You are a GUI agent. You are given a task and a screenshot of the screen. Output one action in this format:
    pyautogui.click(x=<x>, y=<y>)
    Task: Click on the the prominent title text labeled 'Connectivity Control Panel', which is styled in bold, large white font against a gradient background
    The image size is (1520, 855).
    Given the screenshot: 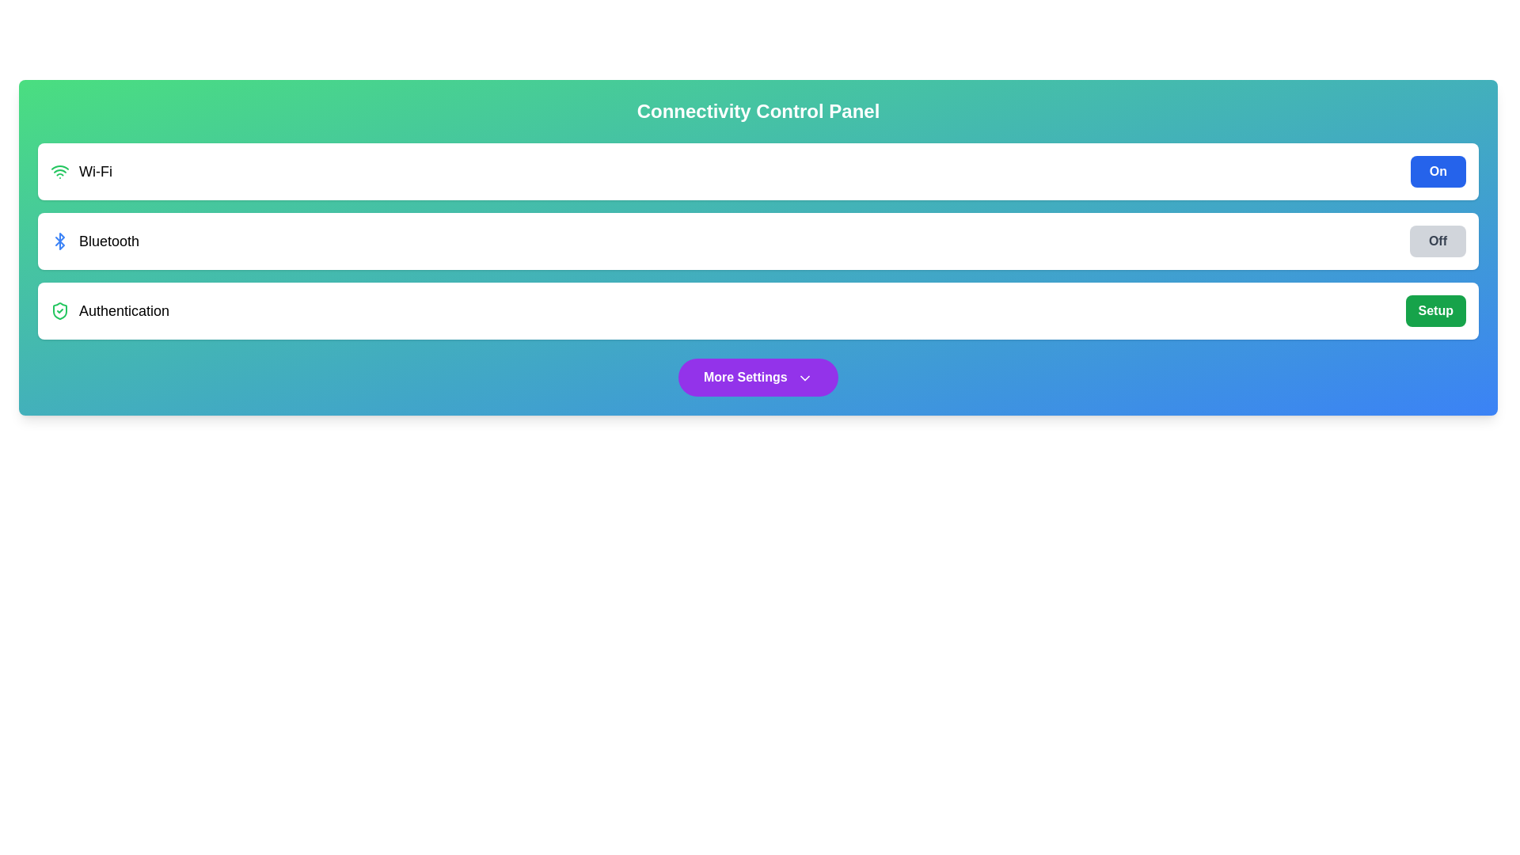 What is the action you would take?
    pyautogui.click(x=758, y=111)
    